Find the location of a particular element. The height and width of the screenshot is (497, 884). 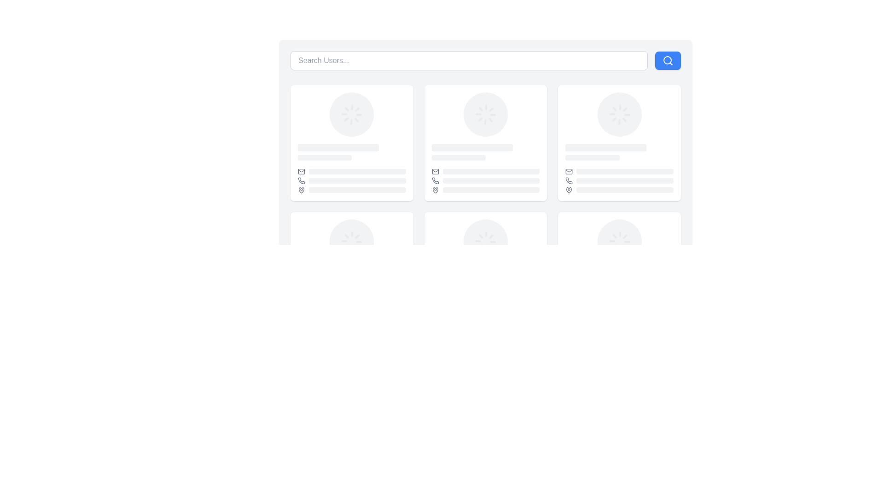

the Loader or Spinner located at the top center inside the card element in the first row and first column of the grid layout is located at coordinates (351, 114).